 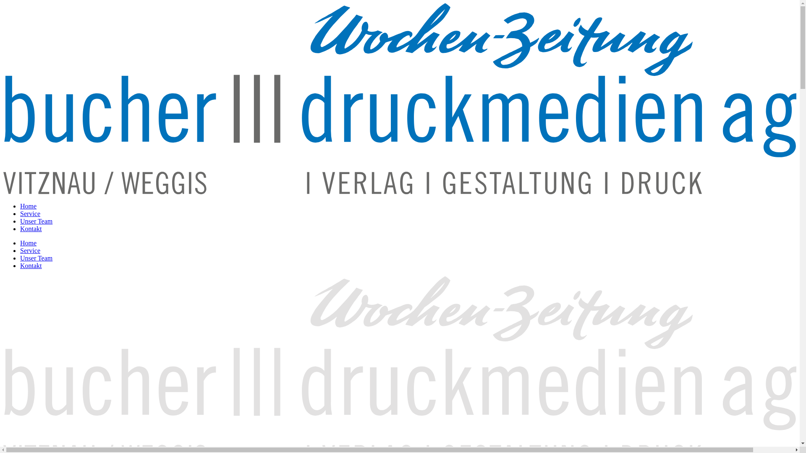 I want to click on 'Unser Team', so click(x=36, y=221).